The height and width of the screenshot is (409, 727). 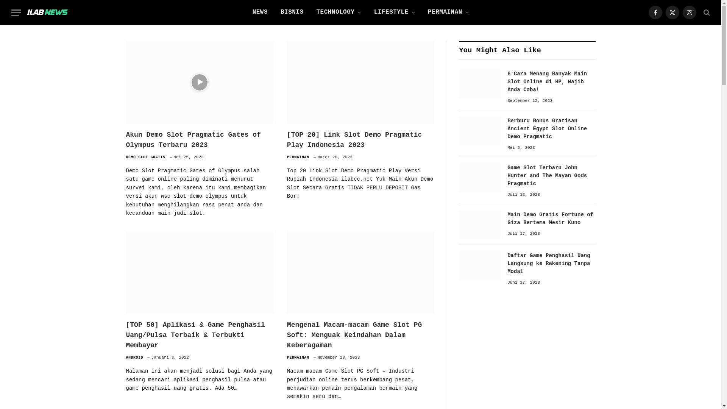 What do you see at coordinates (479, 224) in the screenshot?
I see `'Main Demo Gratis Fortune of Giza Bertema Mesir Kuno'` at bounding box center [479, 224].